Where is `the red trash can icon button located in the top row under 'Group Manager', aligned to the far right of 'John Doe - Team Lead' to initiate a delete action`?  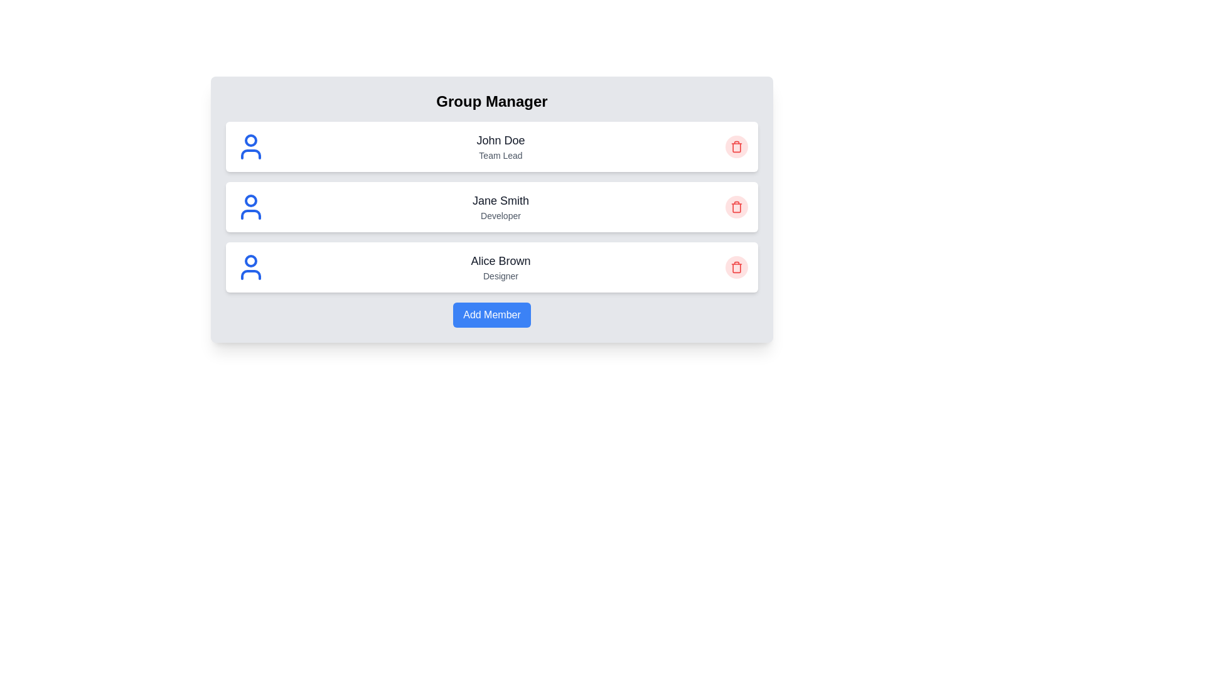
the red trash can icon button located in the top row under 'Group Manager', aligned to the far right of 'John Doe - Team Lead' to initiate a delete action is located at coordinates (737, 146).